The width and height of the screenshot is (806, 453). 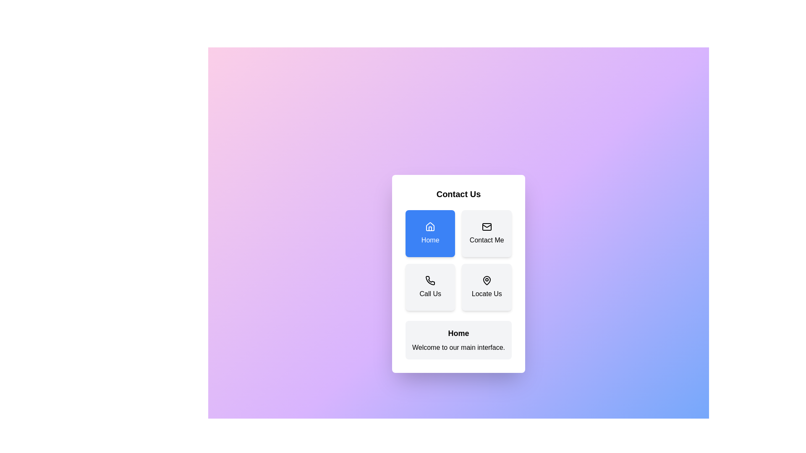 What do you see at coordinates (486, 233) in the screenshot?
I see `the button corresponding to Contact Me to display its details` at bounding box center [486, 233].